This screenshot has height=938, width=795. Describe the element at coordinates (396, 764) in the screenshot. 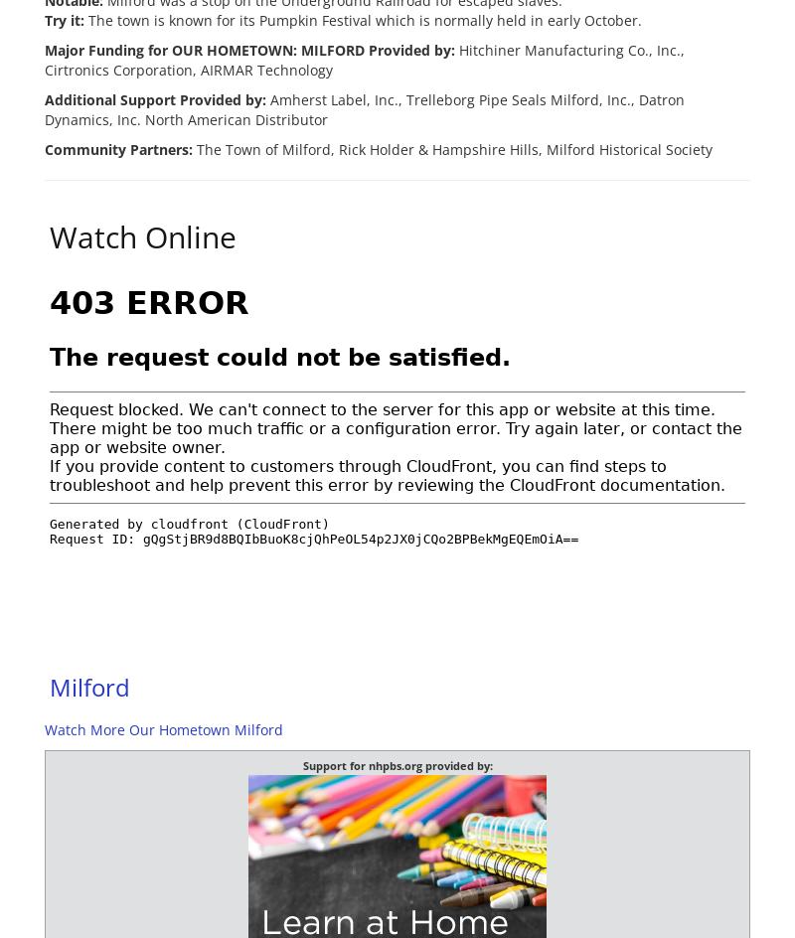

I see `'Support for nhpbs.org provided by:'` at that location.